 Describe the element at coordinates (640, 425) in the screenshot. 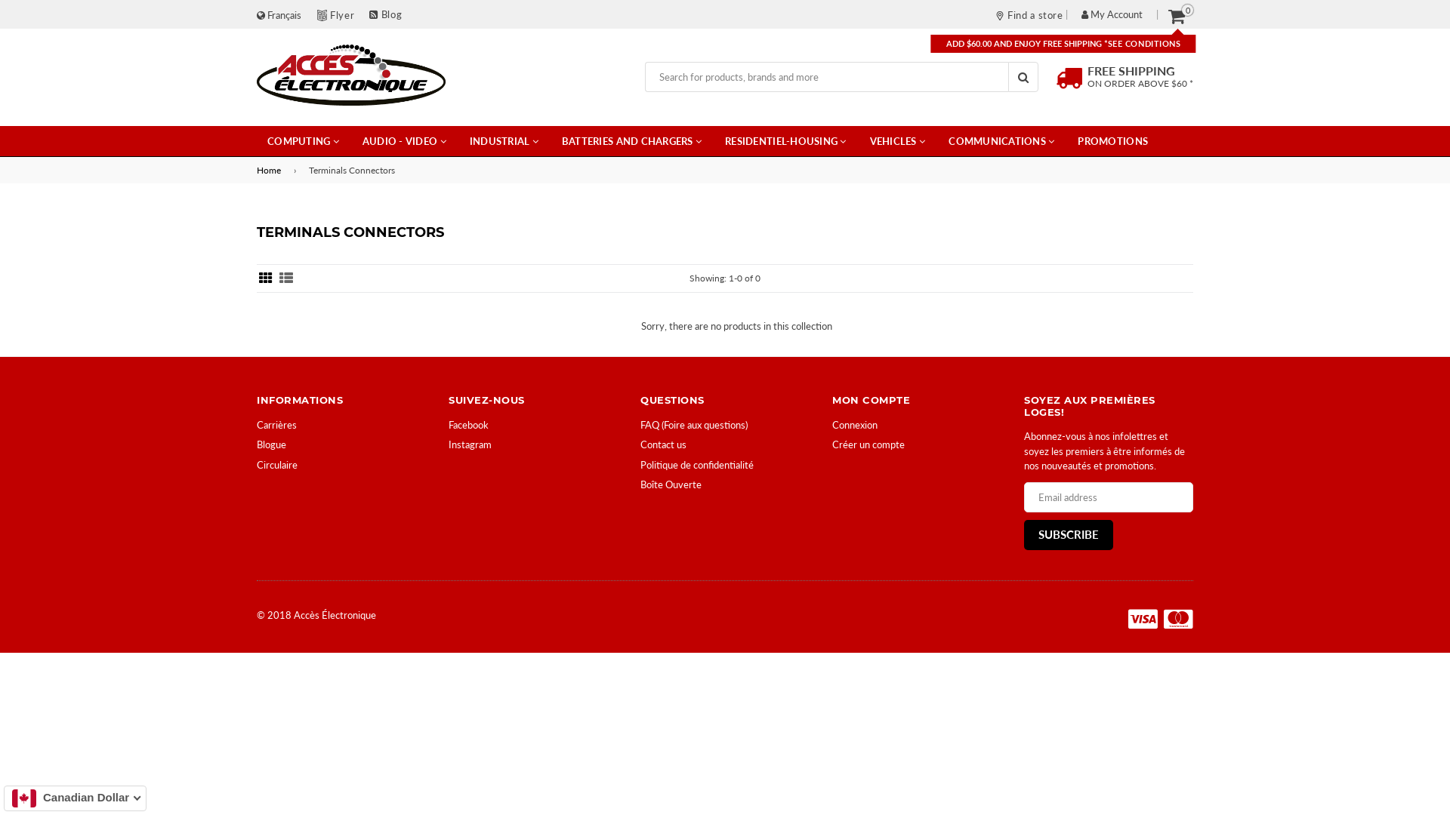

I see `'FAQ (Foire aux questions)'` at that location.